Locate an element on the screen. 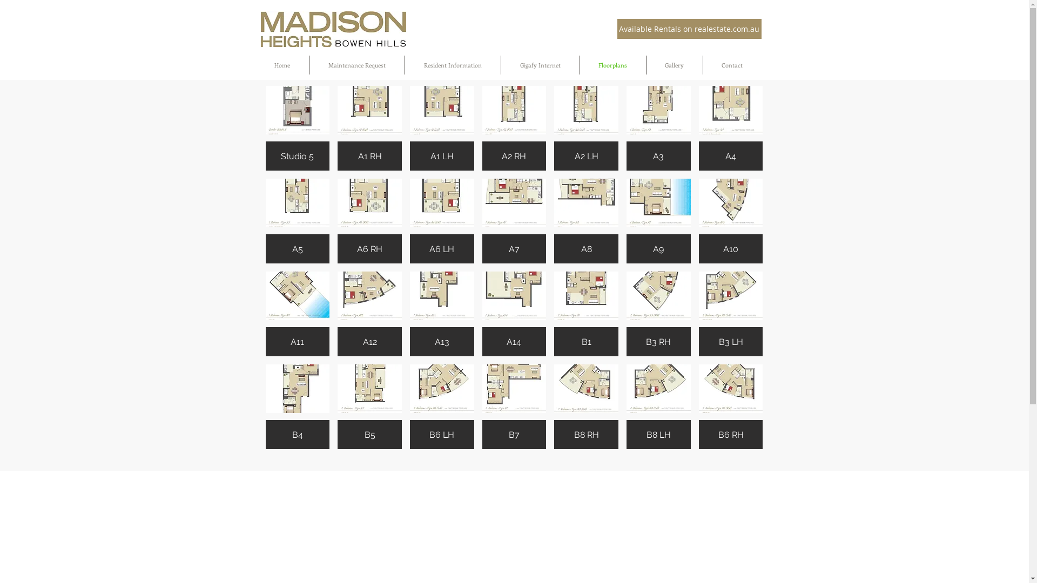 The image size is (1037, 583). 'Gallery' is located at coordinates (674, 65).